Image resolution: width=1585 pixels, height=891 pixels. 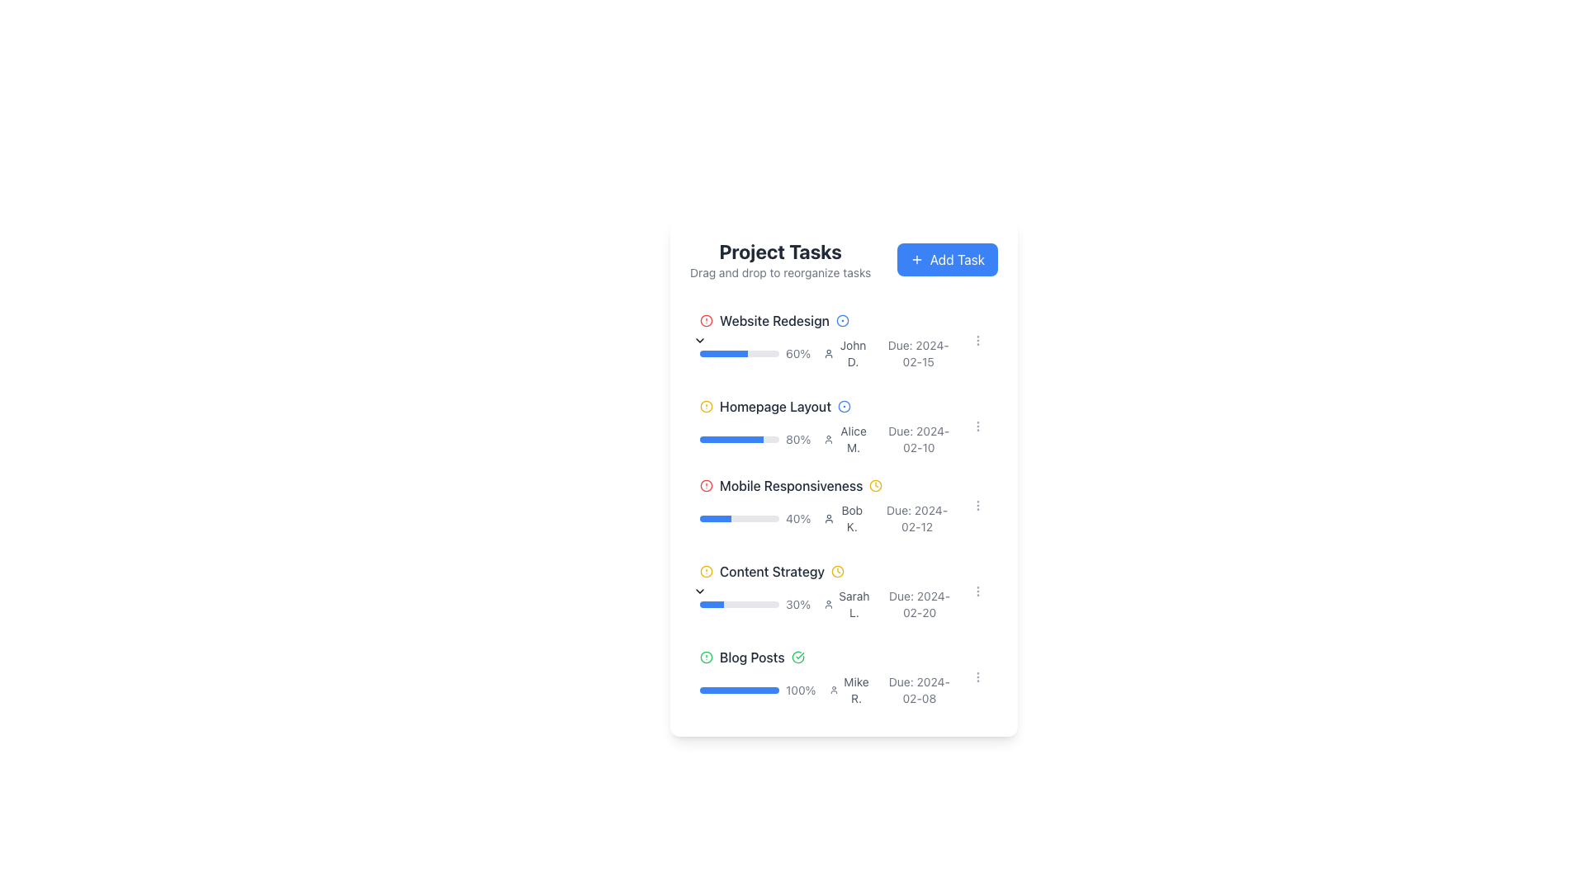 What do you see at coordinates (845, 517) in the screenshot?
I see `name displayed in the text block labeled 'Bob K.' which is styled in a muted gray color and accompanied by a user icon on its left` at bounding box center [845, 517].